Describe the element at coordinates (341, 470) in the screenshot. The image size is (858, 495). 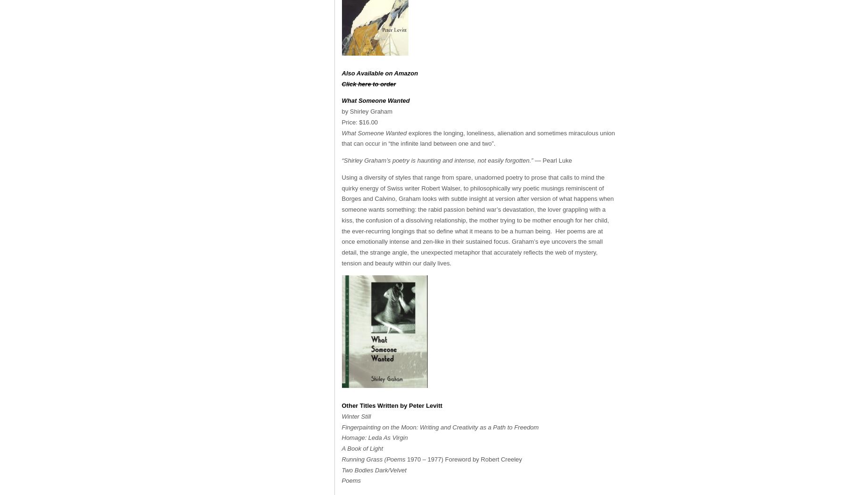
I see `'Two Bodies Dark/Velvet'` at that location.